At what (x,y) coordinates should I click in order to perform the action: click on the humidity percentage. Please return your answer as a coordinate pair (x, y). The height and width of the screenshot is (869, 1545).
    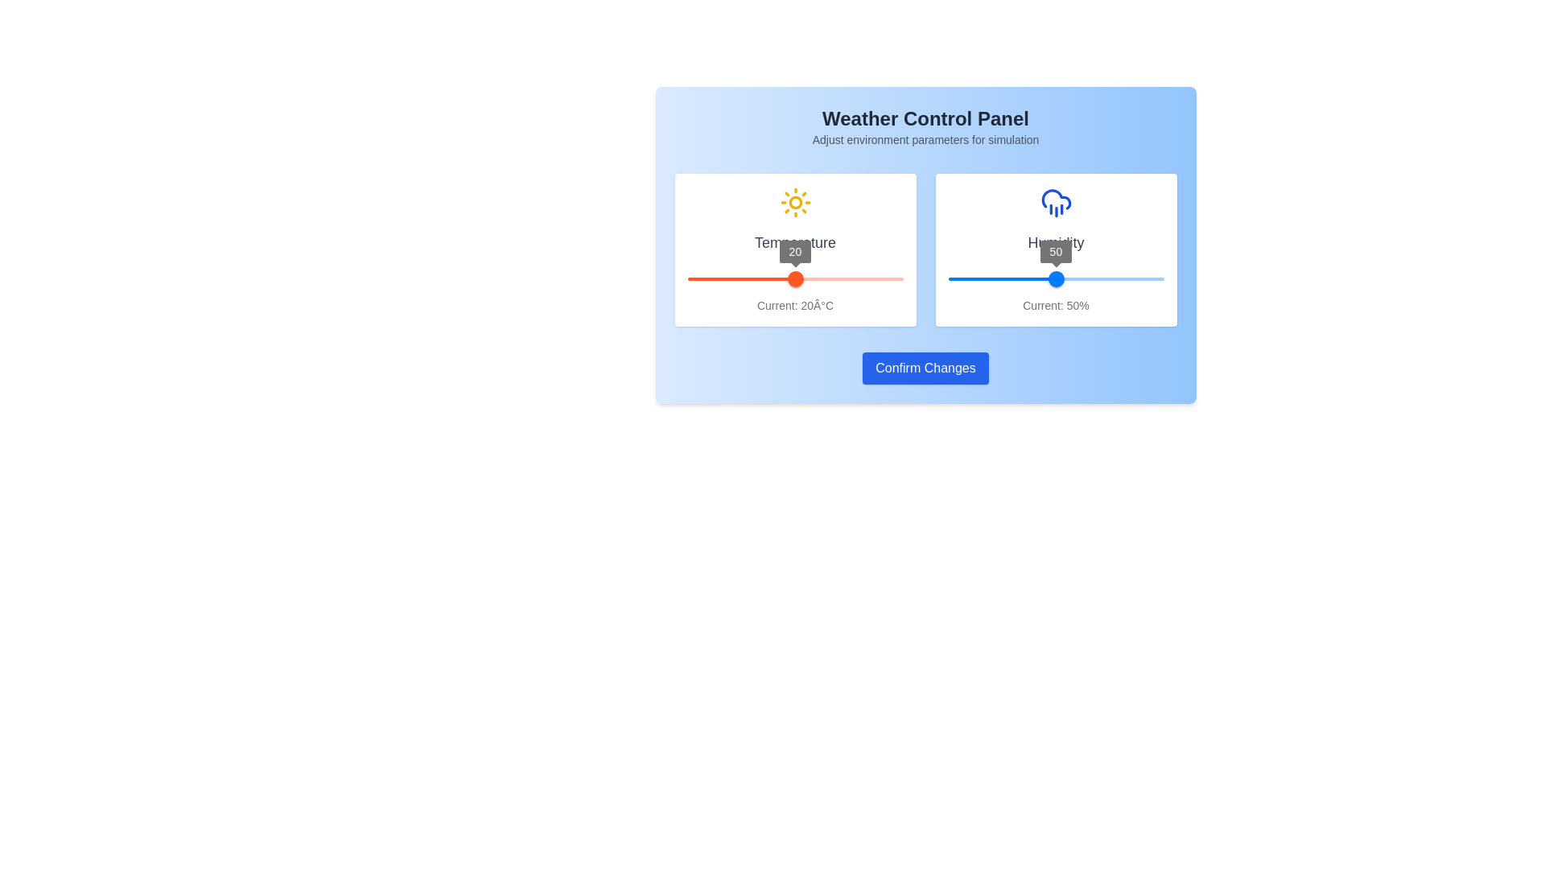
    Looking at the image, I should click on (1132, 278).